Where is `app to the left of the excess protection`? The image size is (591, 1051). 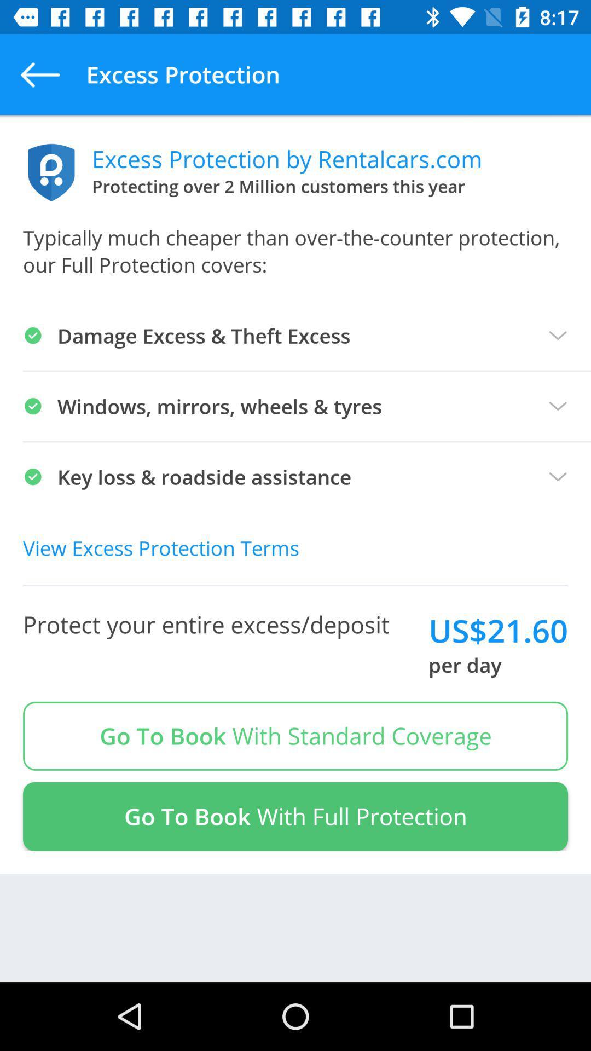 app to the left of the excess protection is located at coordinates (39, 74).